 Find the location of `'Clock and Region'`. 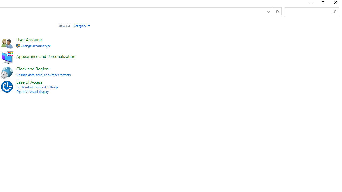

'Clock and Region' is located at coordinates (32, 68).